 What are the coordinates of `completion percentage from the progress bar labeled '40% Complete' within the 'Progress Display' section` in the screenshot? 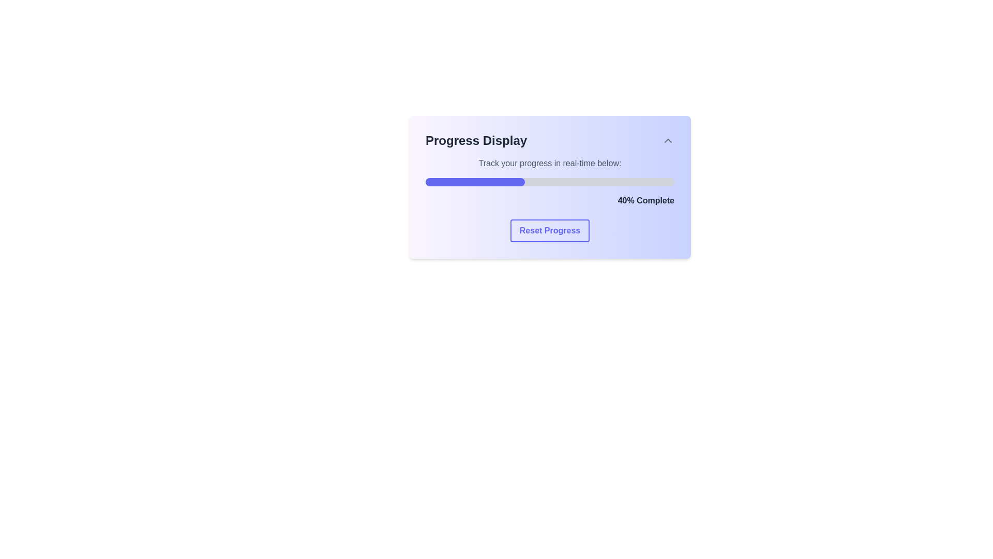 It's located at (549, 181).